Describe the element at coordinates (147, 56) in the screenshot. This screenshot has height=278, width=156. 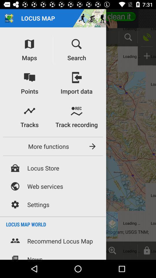
I see `the add icon` at that location.